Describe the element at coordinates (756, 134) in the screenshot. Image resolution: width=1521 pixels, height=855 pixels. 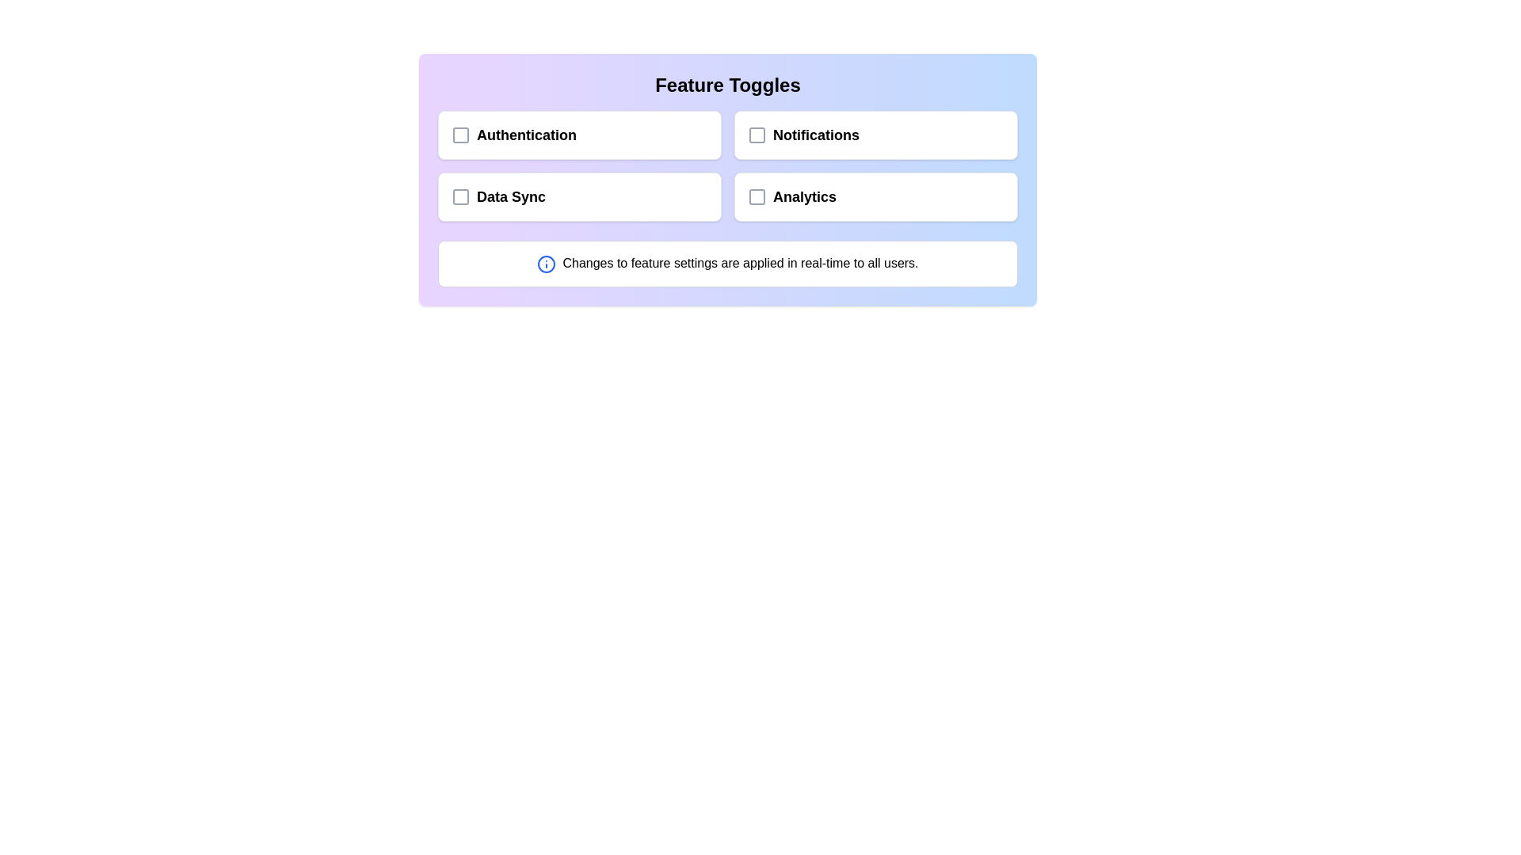
I see `the toggleable 'Notifications' checkbox located to the left of the text label to change its state` at that location.